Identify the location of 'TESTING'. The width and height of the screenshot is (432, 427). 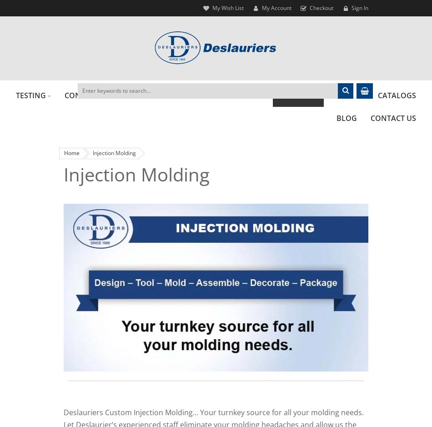
(31, 95).